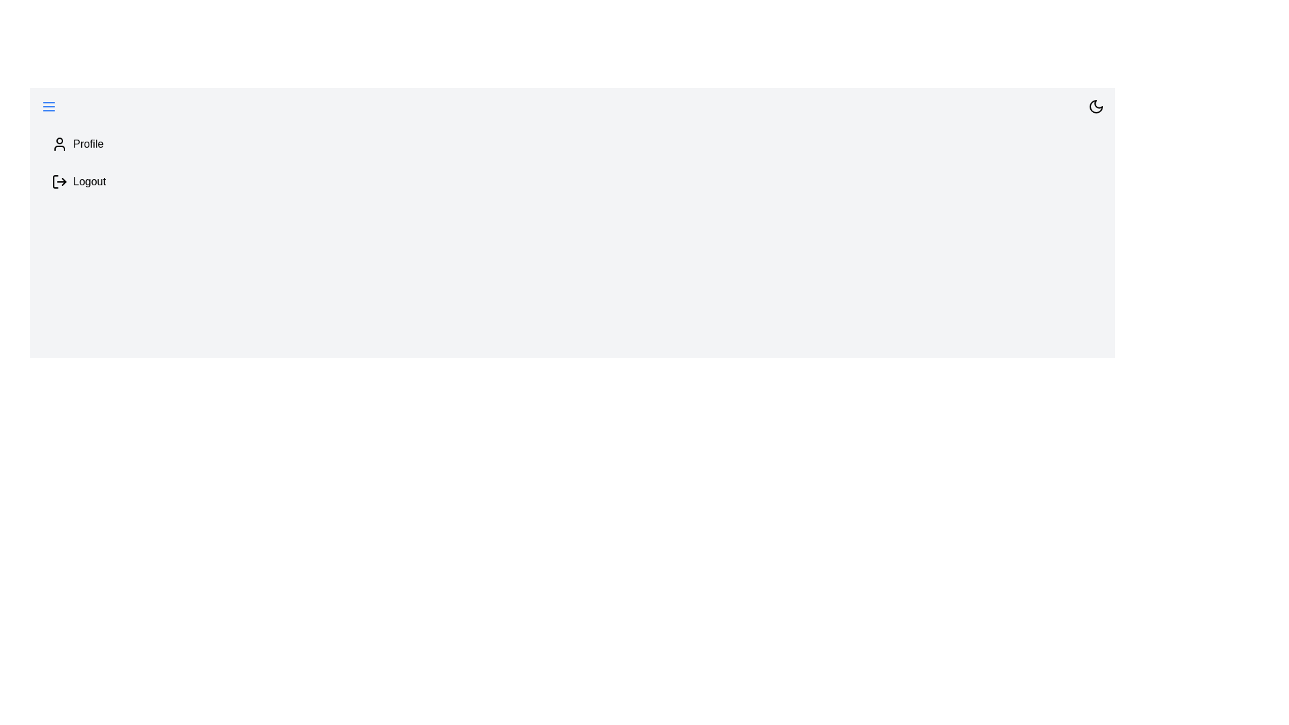 This screenshot has width=1289, height=725. I want to click on the circular crescent moon icon button located at the top-right corner of the light grey bar, so click(1096, 105).